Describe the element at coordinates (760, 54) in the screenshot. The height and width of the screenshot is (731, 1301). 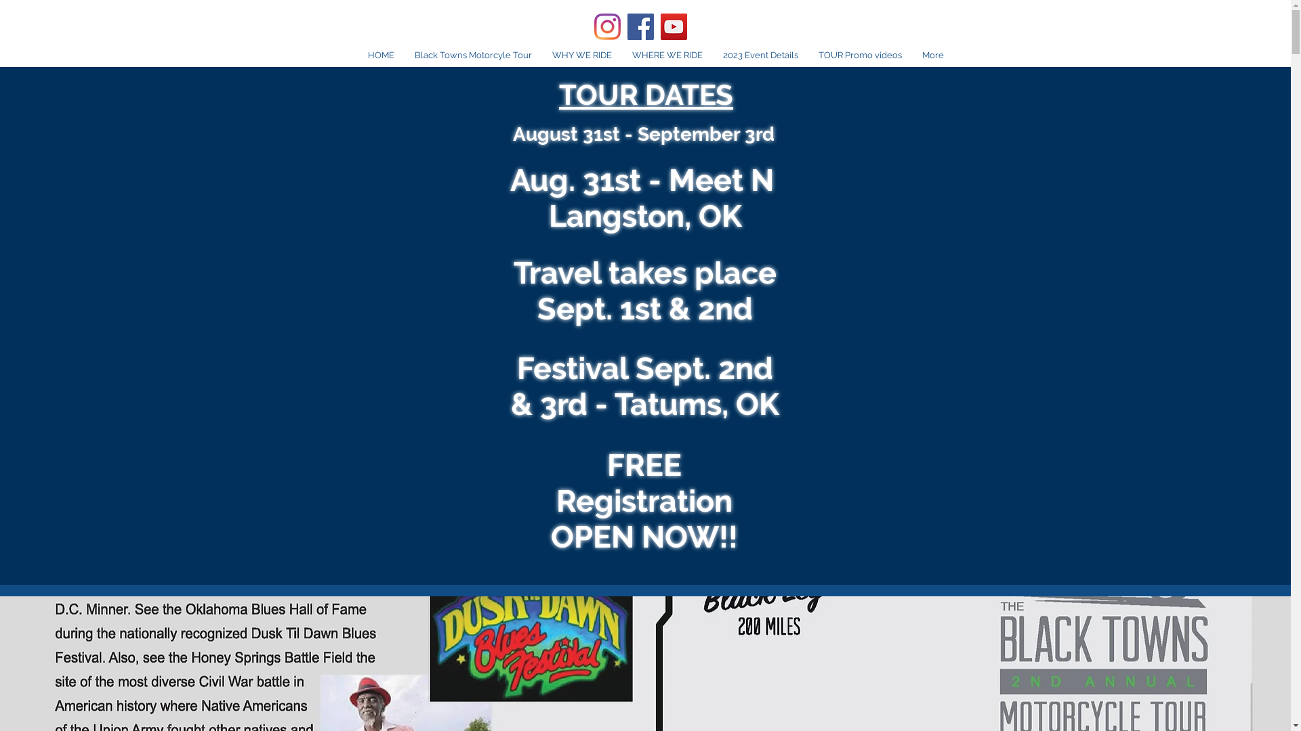
I see `'2023 Event Details'` at that location.